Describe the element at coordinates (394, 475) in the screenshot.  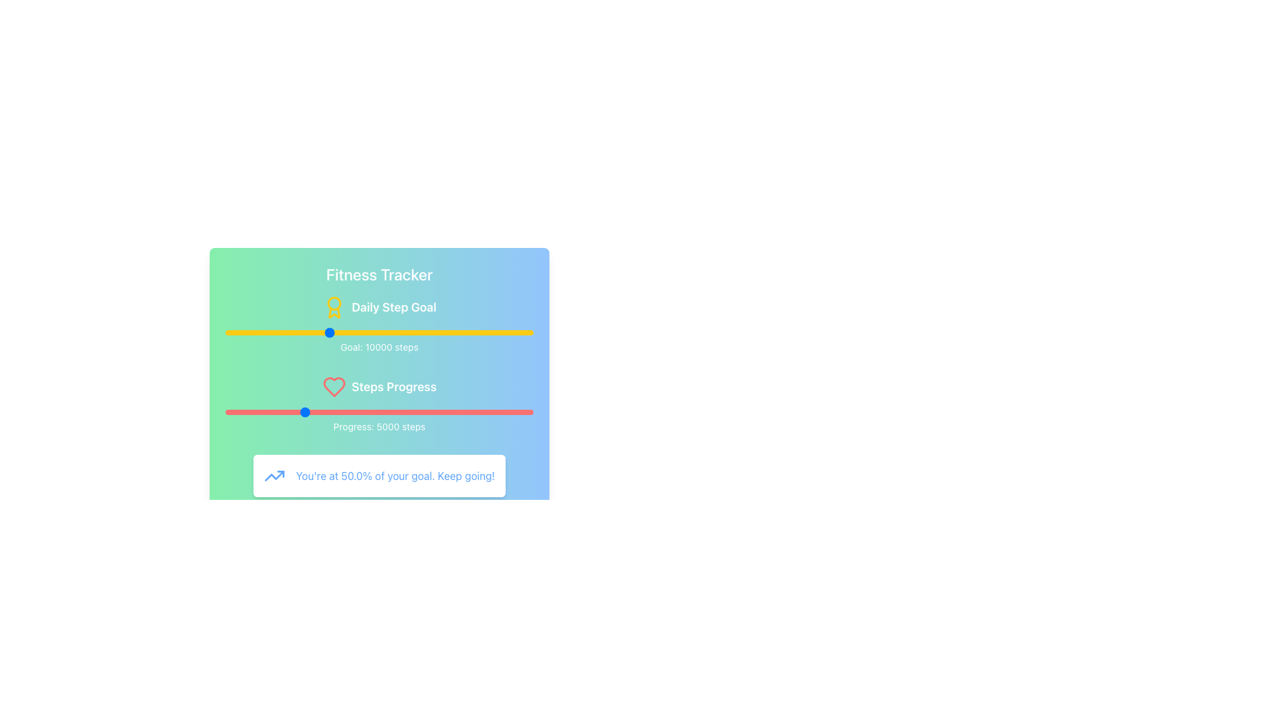
I see `the text snippet displaying 'You're at 50.0% of your goal. Keep going!' styled with a blue font inside a white rounded rectangular background` at that location.